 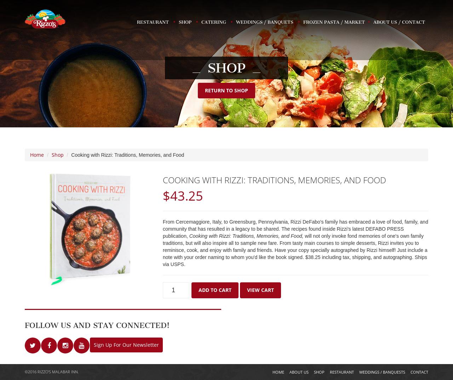 I want to click on 'Frozen Pasta / Market', so click(x=334, y=28).